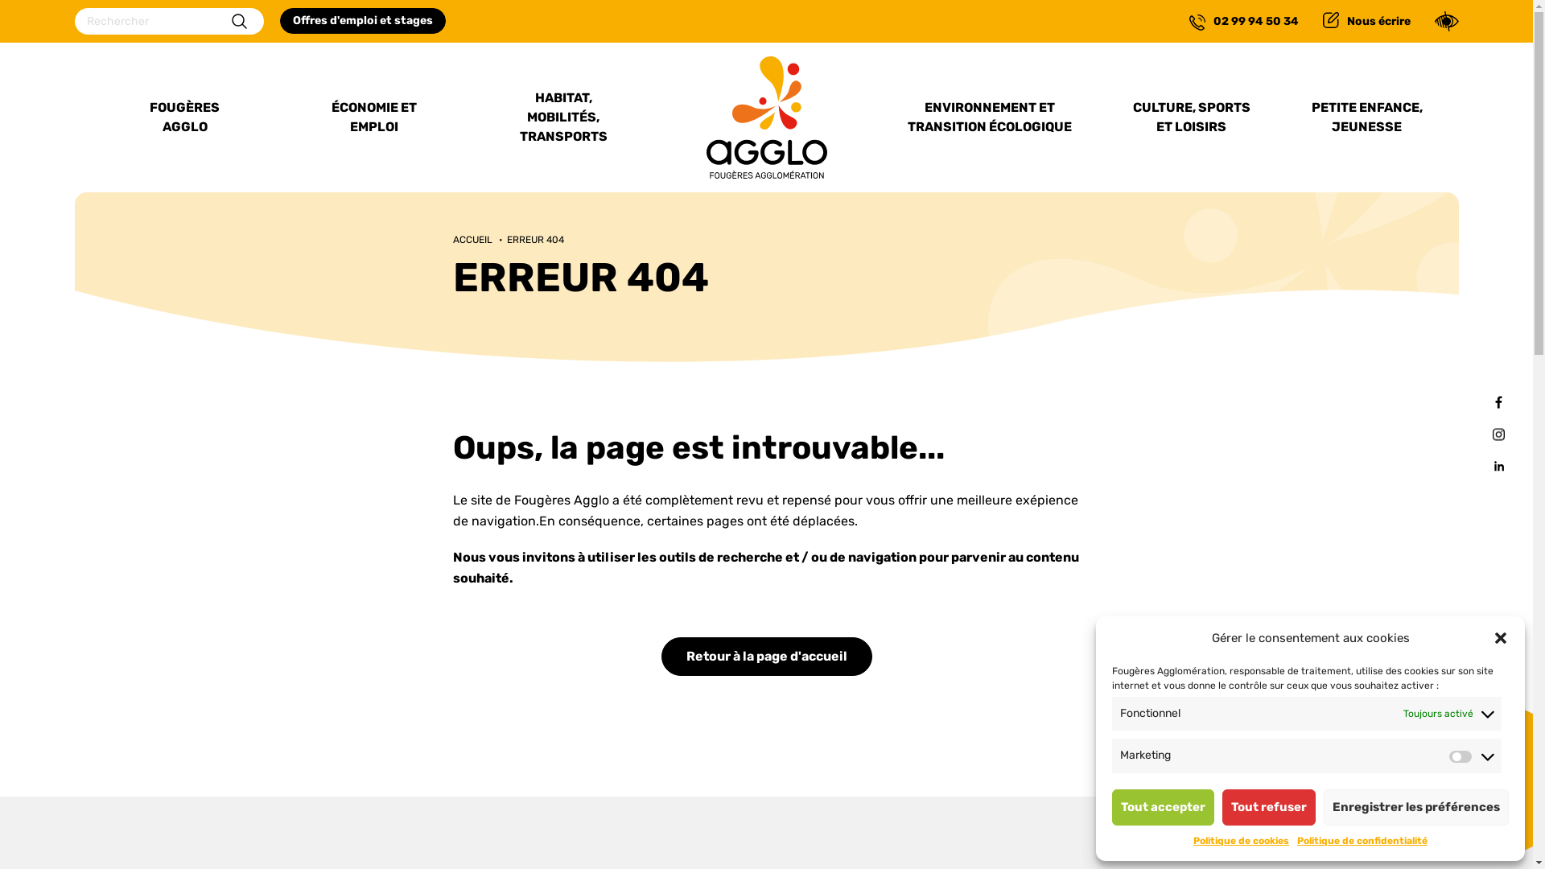 This screenshot has height=869, width=1545. What do you see at coordinates (1242, 21) in the screenshot?
I see `'02 99 94 50 34'` at bounding box center [1242, 21].